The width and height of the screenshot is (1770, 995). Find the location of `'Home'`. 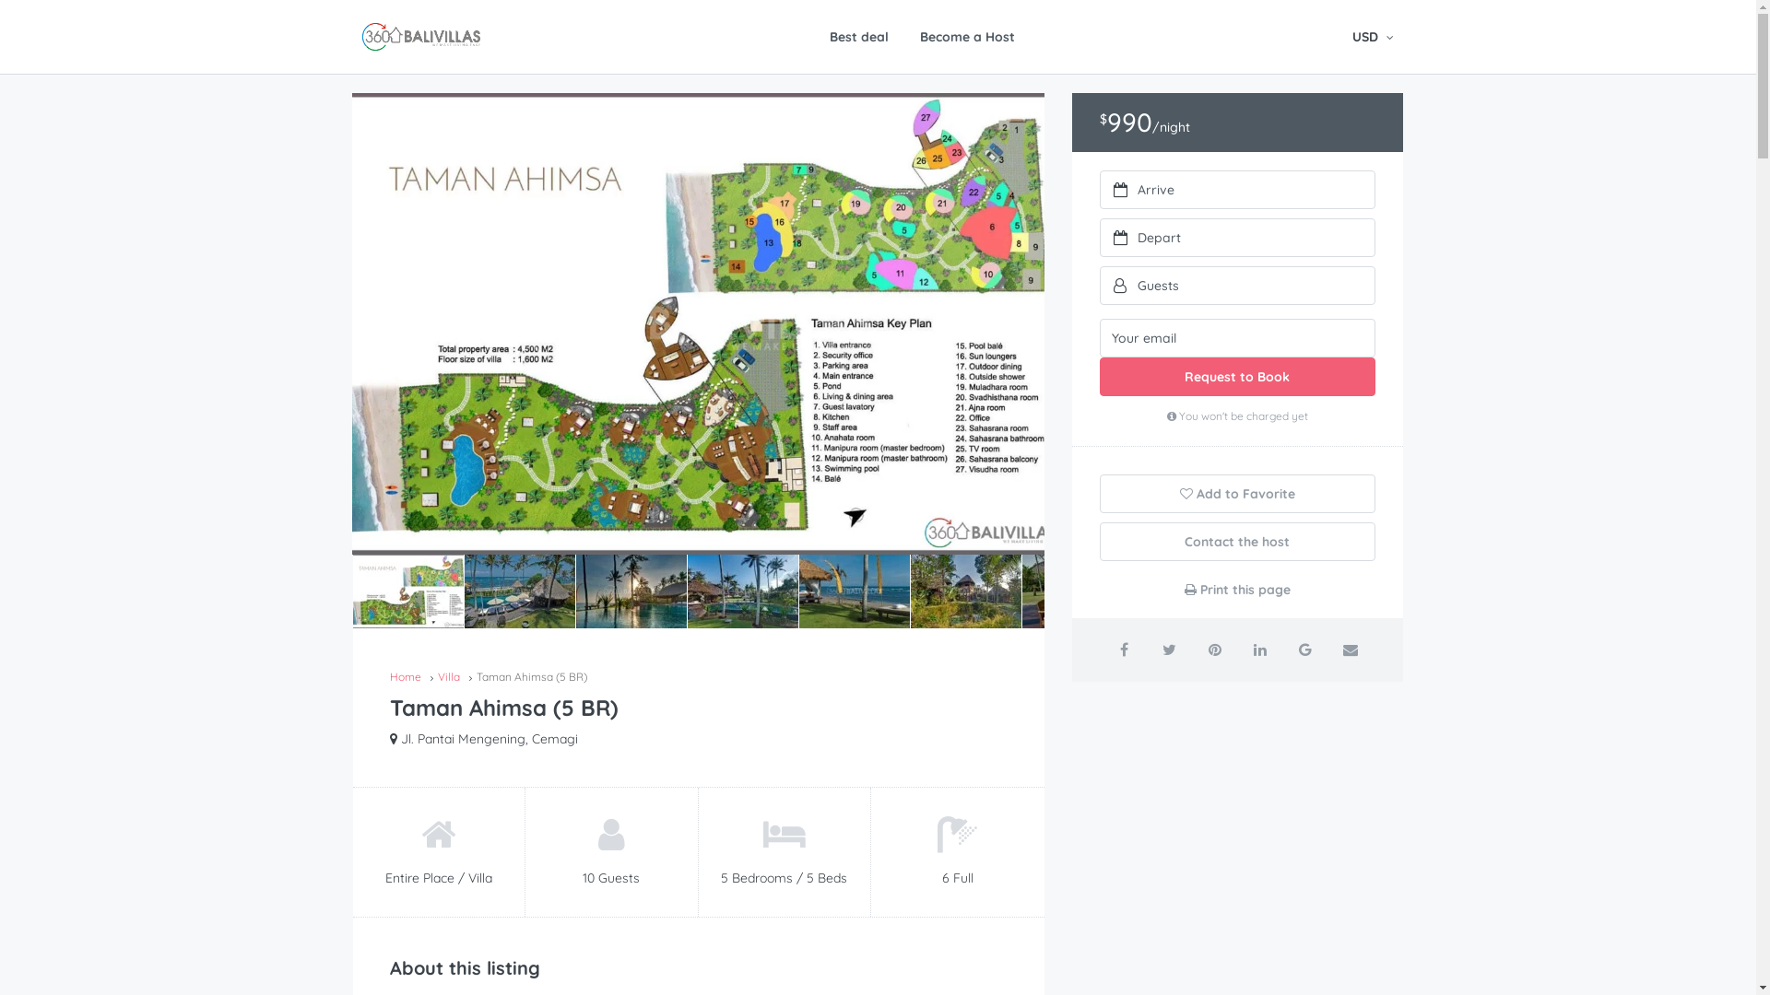

'Home' is located at coordinates (403, 676).